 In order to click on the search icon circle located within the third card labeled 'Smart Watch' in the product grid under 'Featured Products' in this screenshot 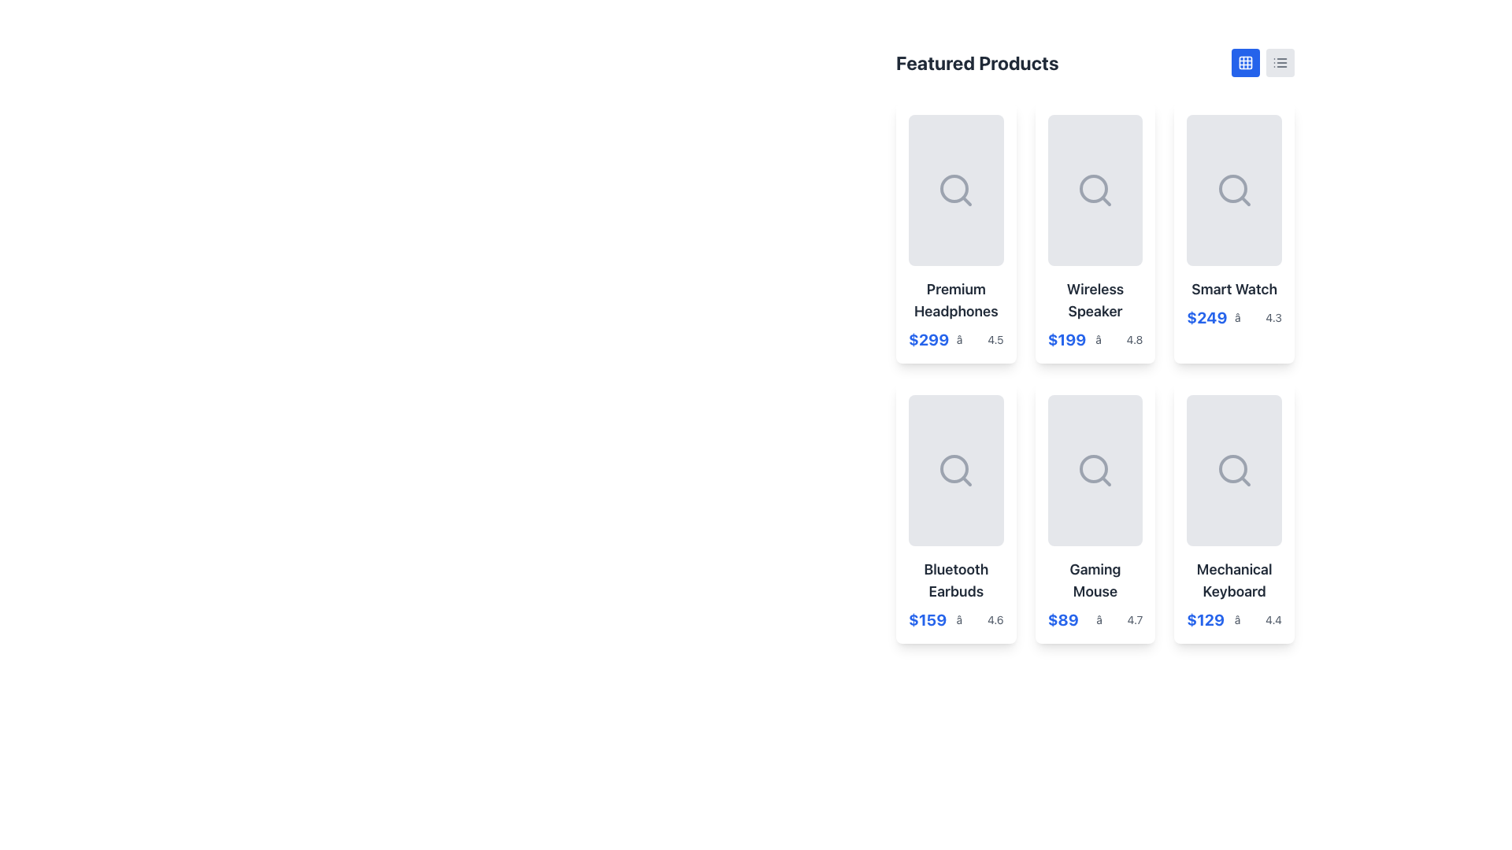, I will do `click(1232, 187)`.